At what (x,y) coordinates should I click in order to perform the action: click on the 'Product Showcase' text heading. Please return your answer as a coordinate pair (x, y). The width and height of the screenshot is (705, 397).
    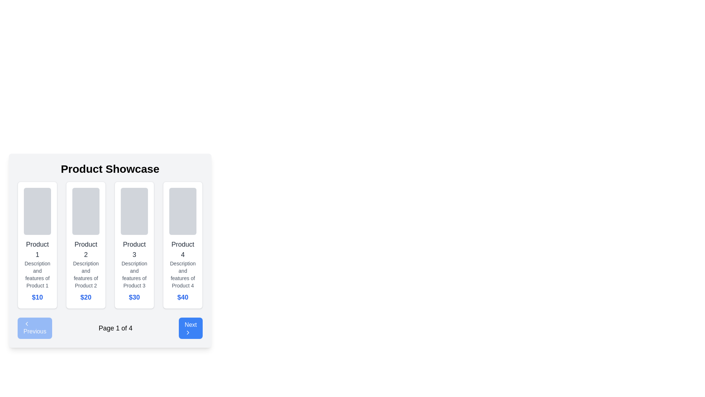
    Looking at the image, I should click on (109, 169).